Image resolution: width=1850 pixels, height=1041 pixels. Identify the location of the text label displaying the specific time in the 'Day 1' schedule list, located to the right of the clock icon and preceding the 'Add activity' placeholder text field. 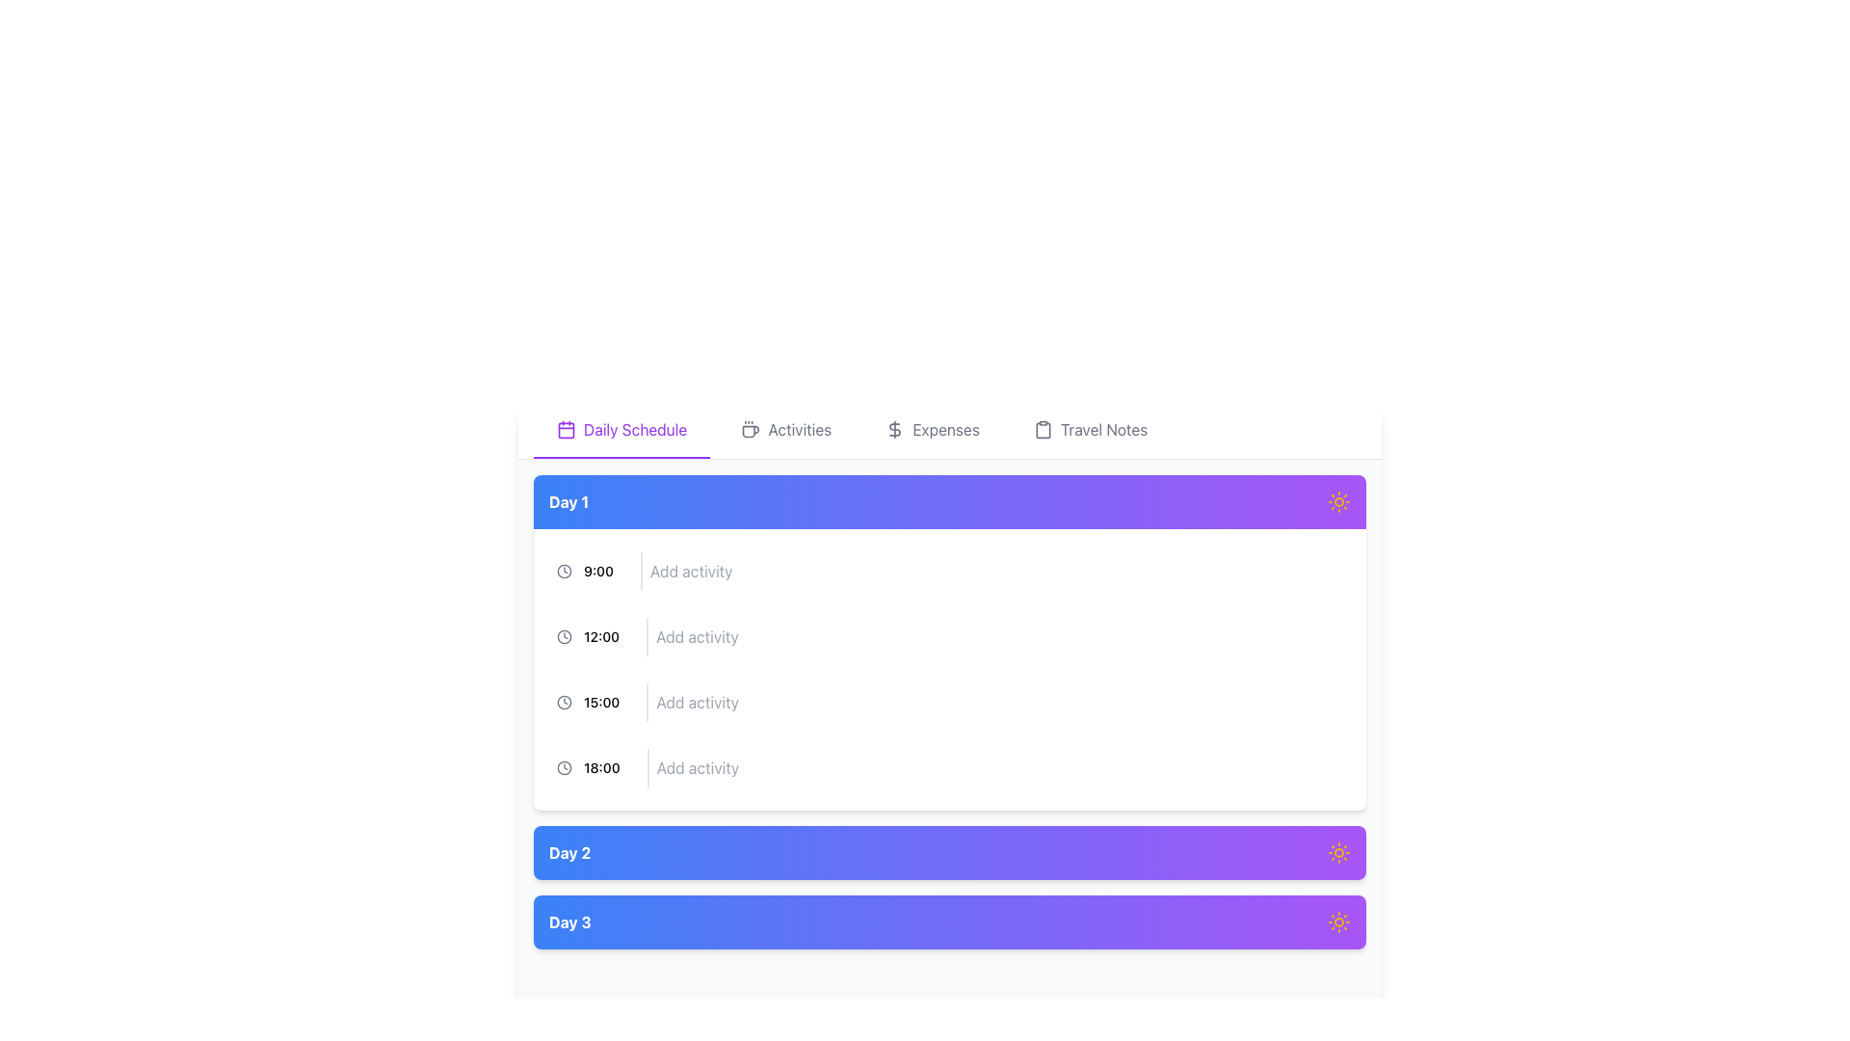
(600, 636).